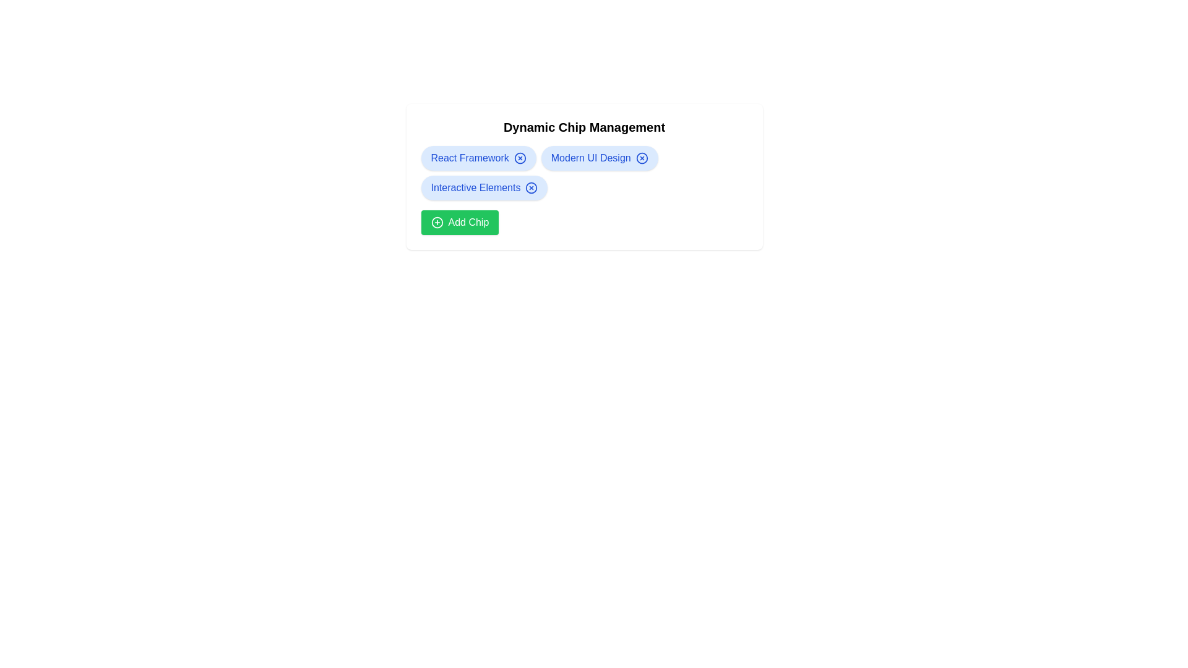  I want to click on close button on the chip labeled Interactive Elements to remove it, so click(532, 188).